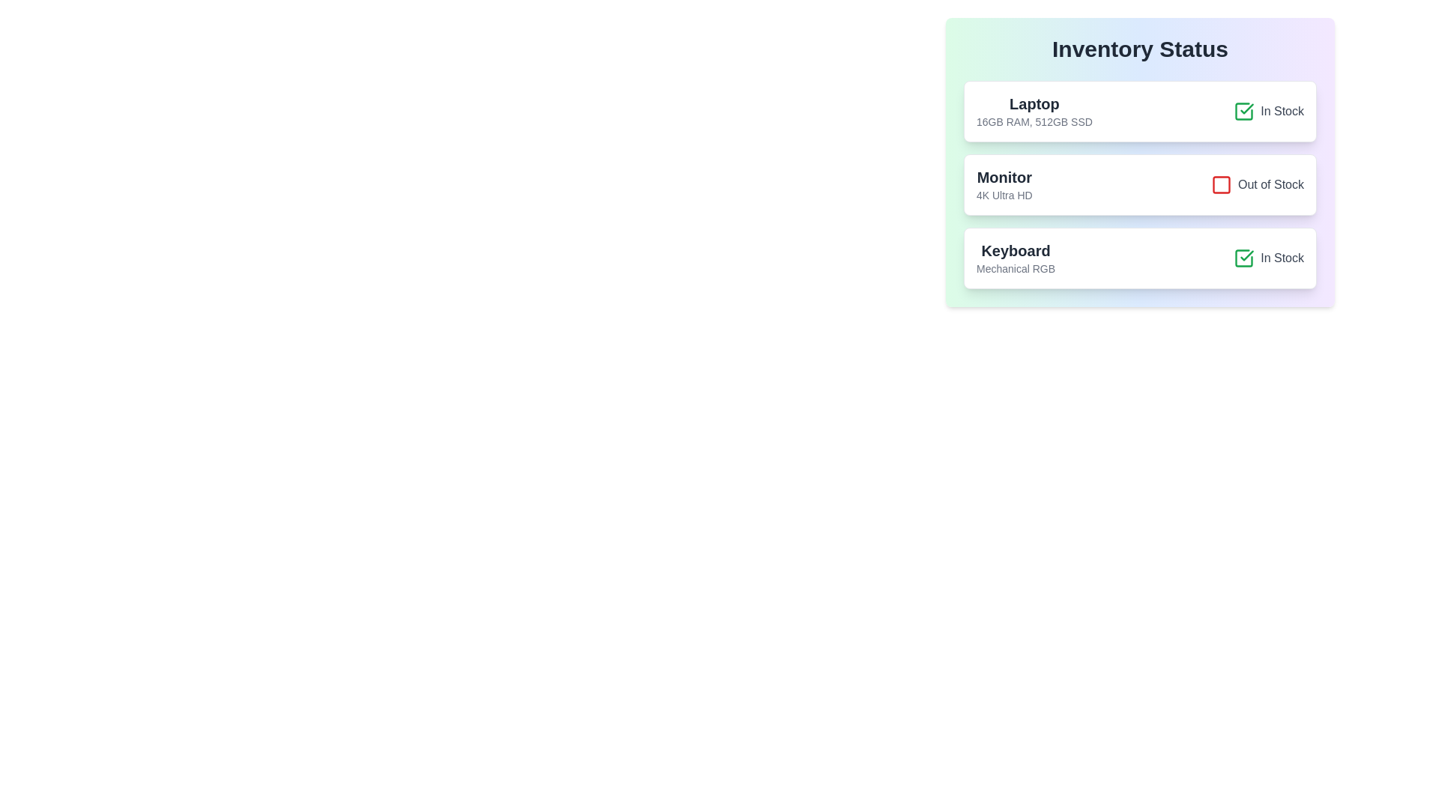 The height and width of the screenshot is (809, 1439). I want to click on the text label reading 'Mechanical RGB', which is styled in a smaller gray font and positioned directly below the 'Keyboard' text, so click(1016, 267).